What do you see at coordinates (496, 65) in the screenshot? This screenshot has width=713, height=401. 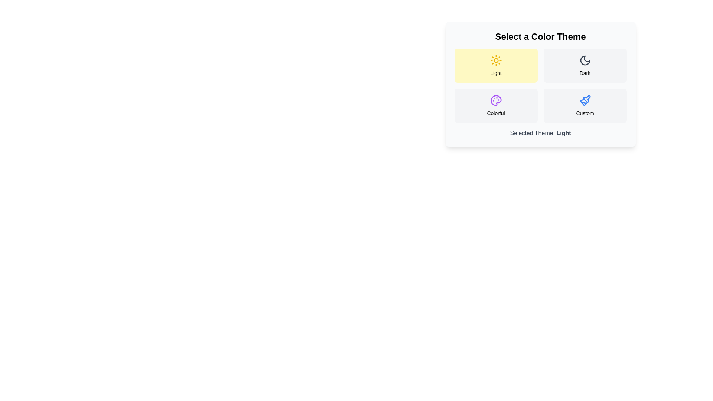 I see `the theme Light by clicking its button` at bounding box center [496, 65].